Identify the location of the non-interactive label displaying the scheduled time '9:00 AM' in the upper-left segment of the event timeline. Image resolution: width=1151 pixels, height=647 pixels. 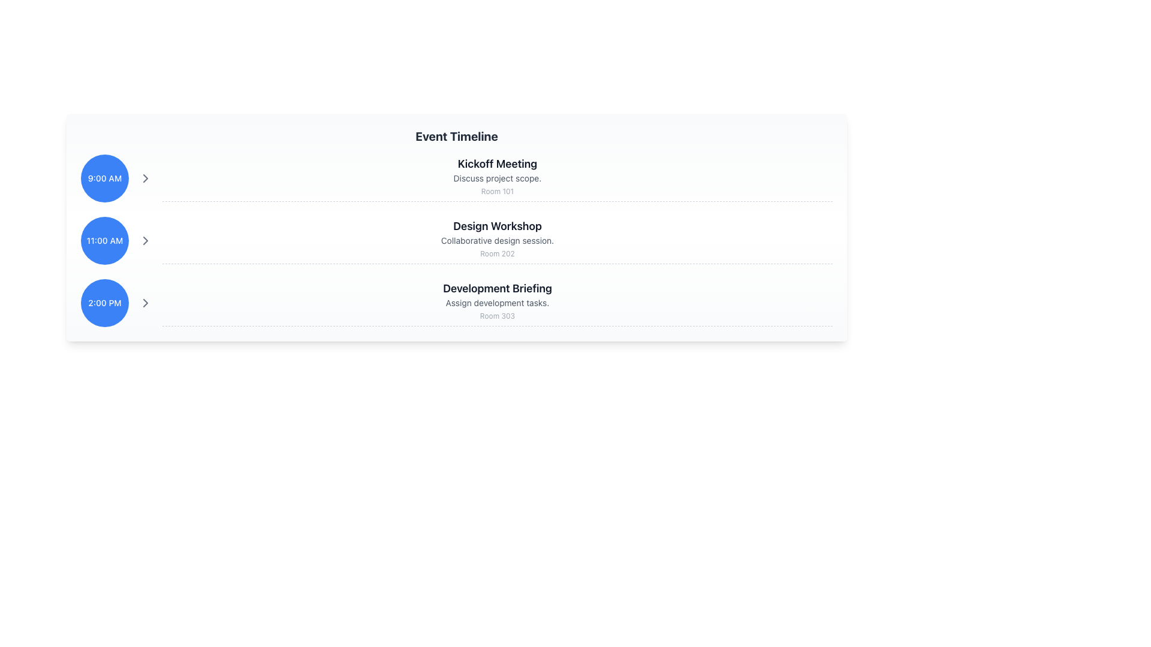
(104, 178).